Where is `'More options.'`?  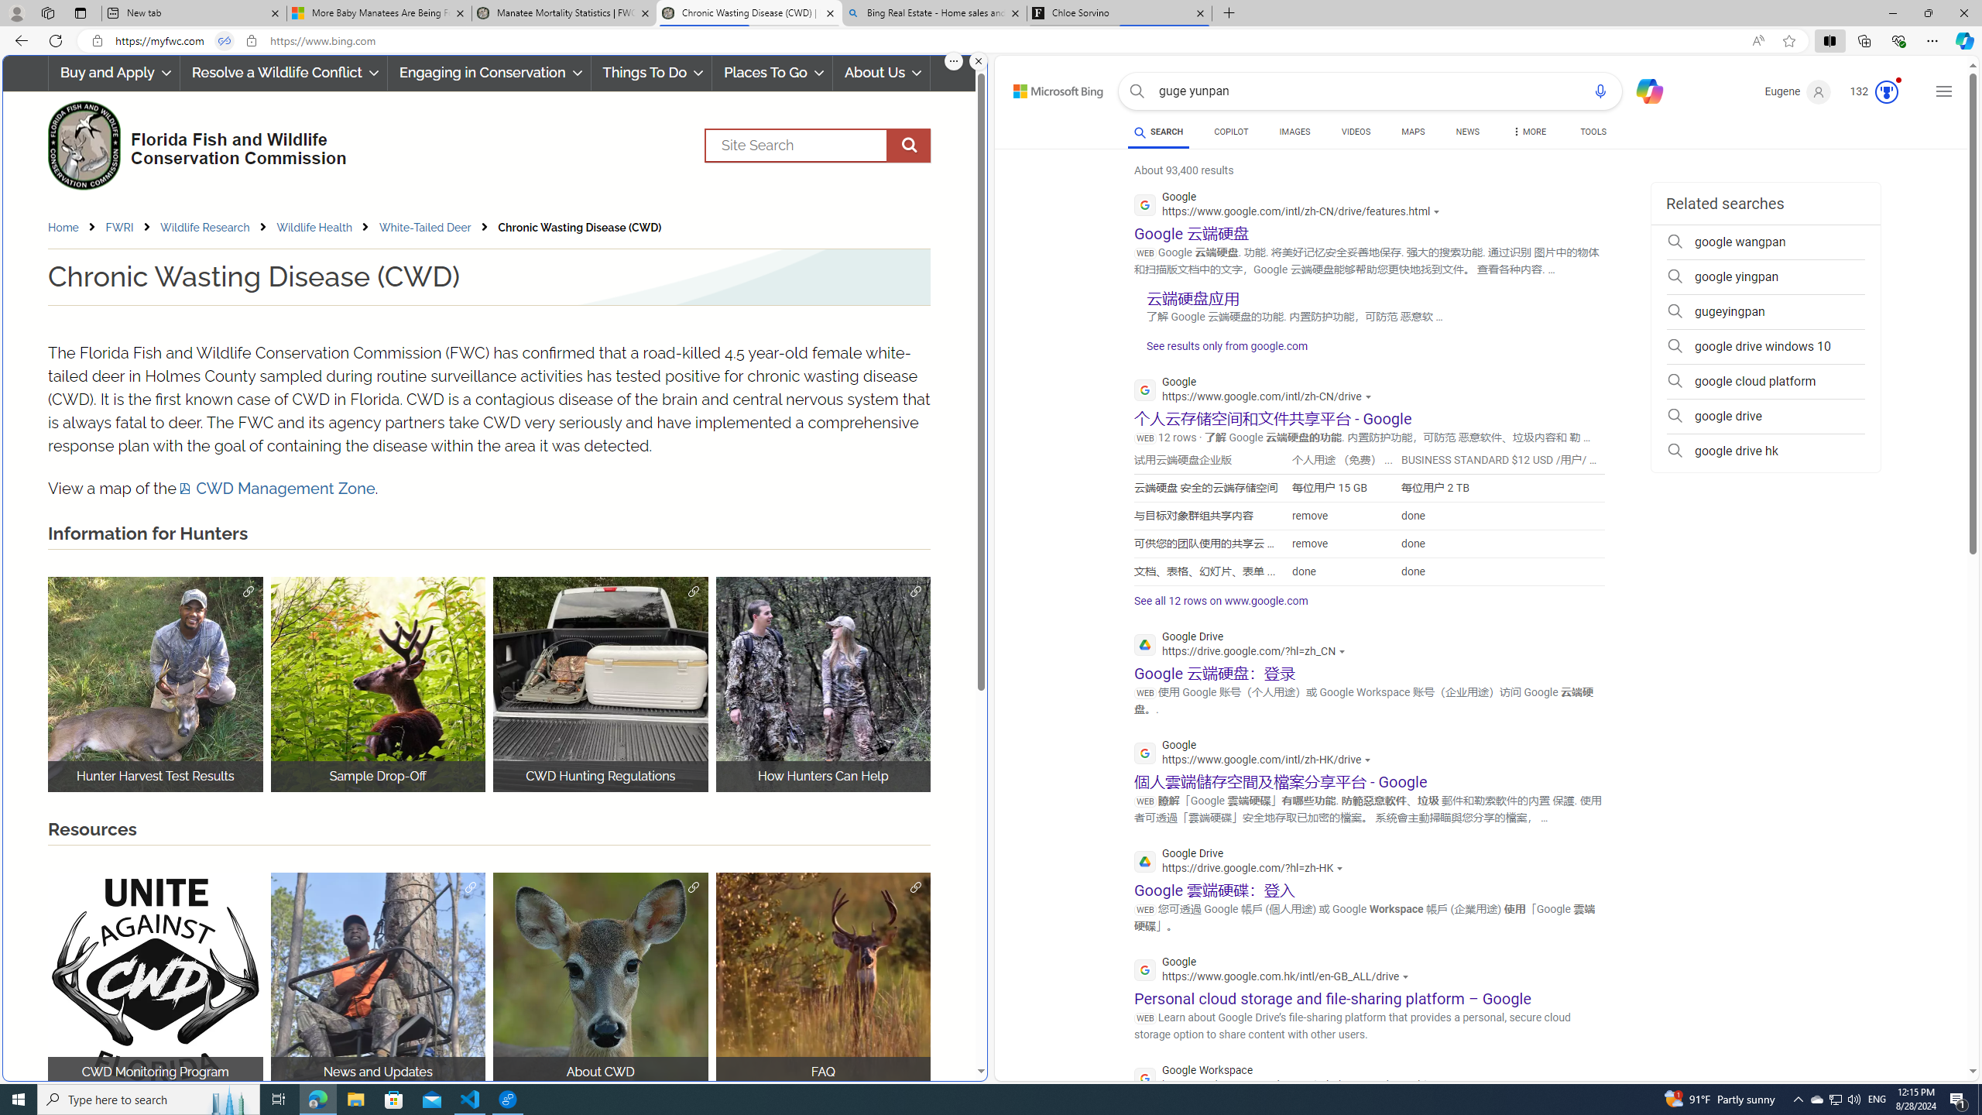
'More options.' is located at coordinates (953, 60).